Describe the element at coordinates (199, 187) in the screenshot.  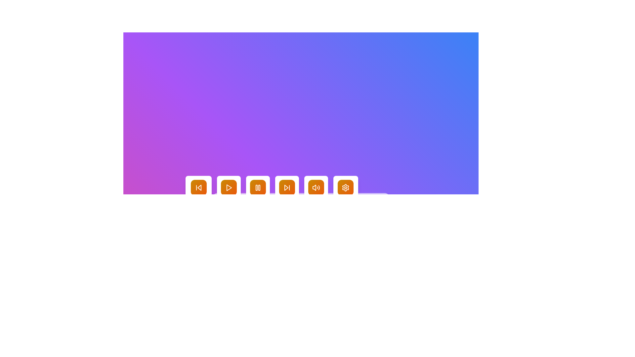
I see `the skip-backward icon located in the first button of the horizontal row of media control buttons at the bottom center of the interface` at that location.